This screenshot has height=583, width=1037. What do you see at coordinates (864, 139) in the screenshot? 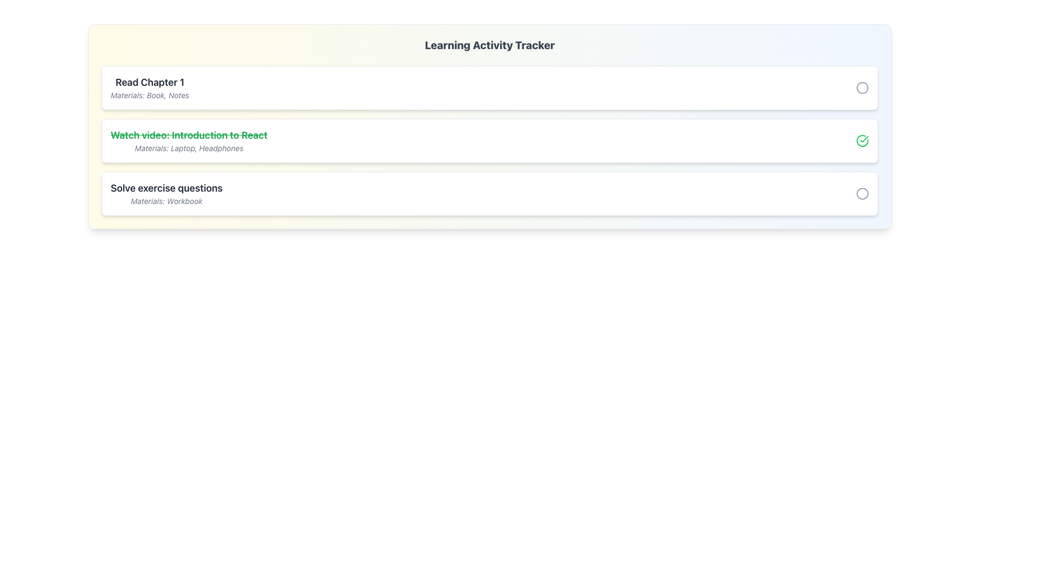
I see `the green tick icon indicating a completed or verified status, located at the right end of the second list item's row` at bounding box center [864, 139].